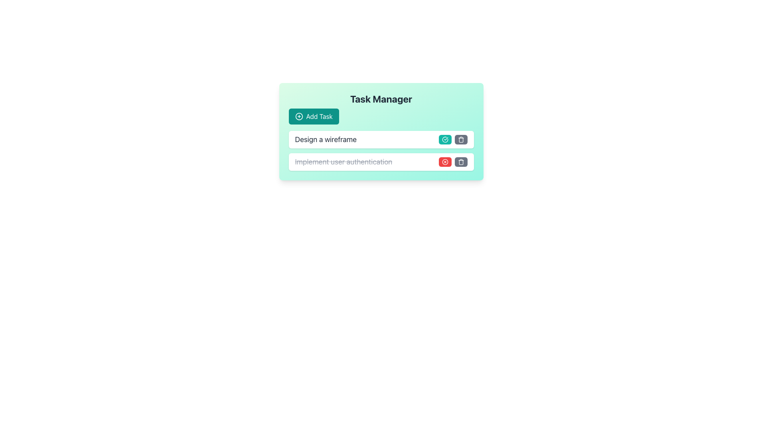 The height and width of the screenshot is (431, 766). What do you see at coordinates (319, 117) in the screenshot?
I see `the text label that describes the action of adding a task, which is positioned within a teal green button beneath the 'Task Manager' heading` at bounding box center [319, 117].